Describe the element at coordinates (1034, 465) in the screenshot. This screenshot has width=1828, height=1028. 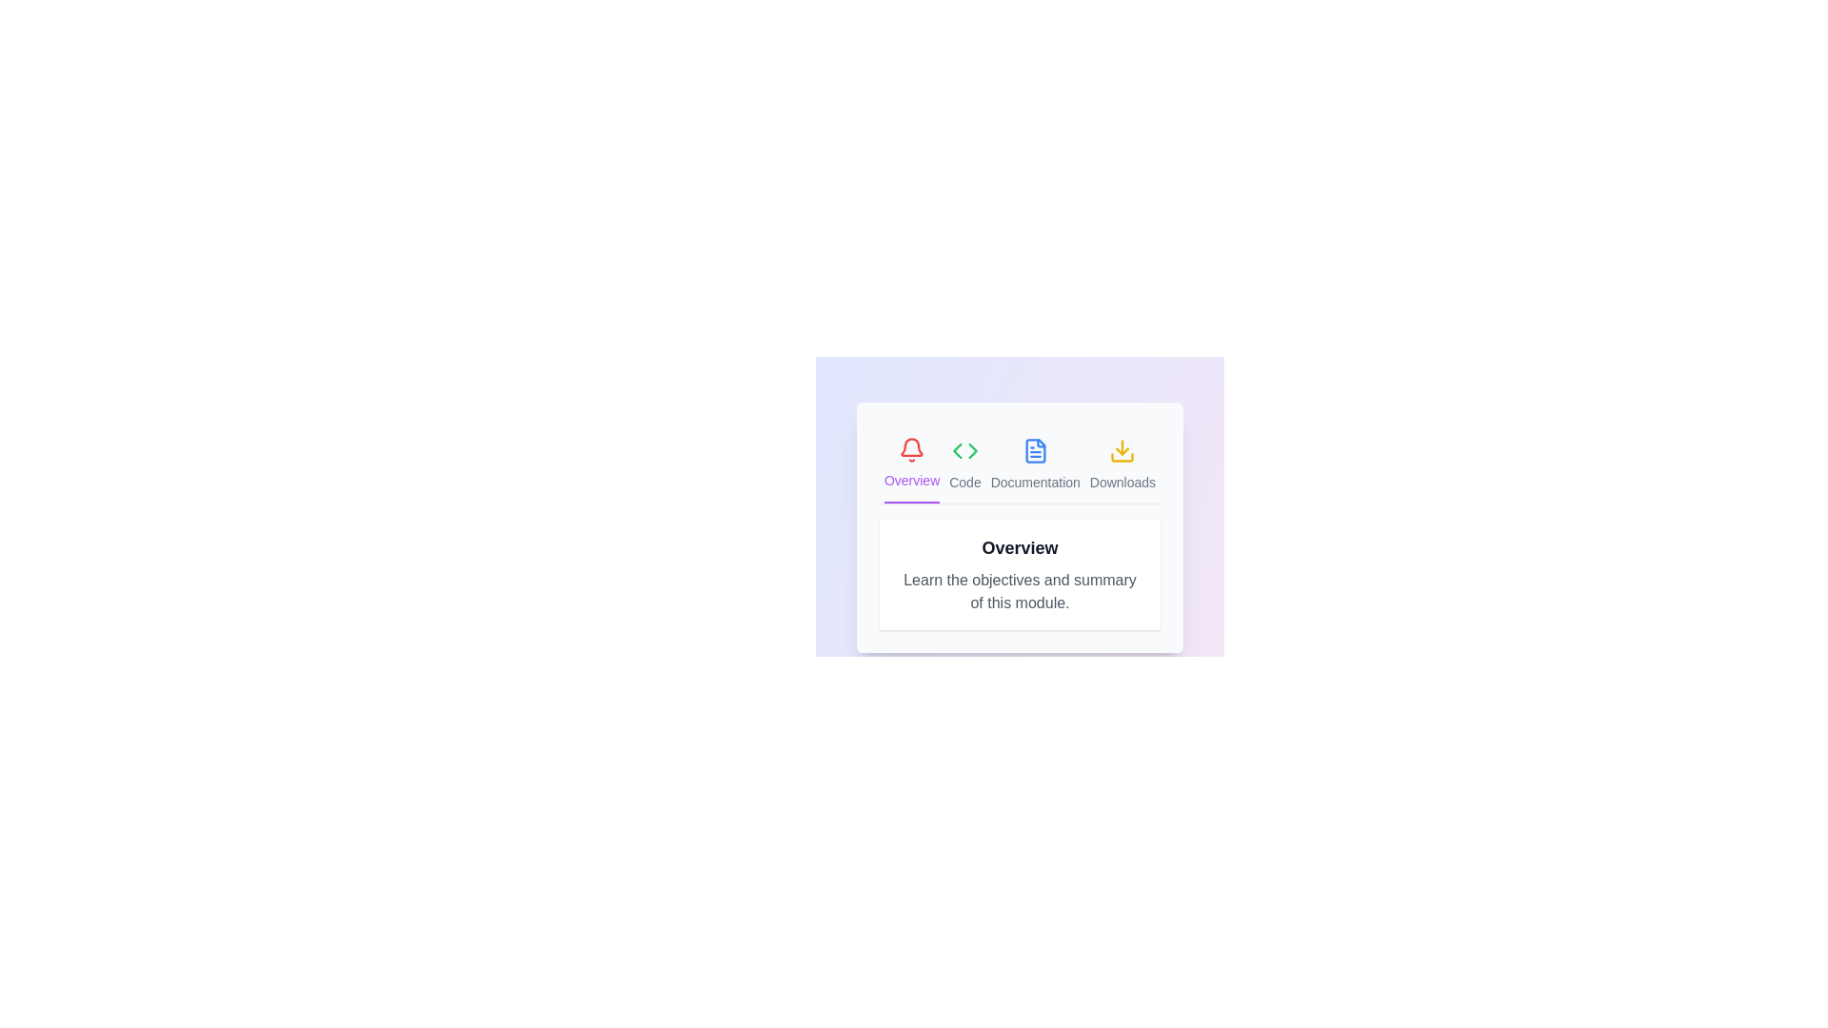
I see `the tab labeled Documentation` at that location.